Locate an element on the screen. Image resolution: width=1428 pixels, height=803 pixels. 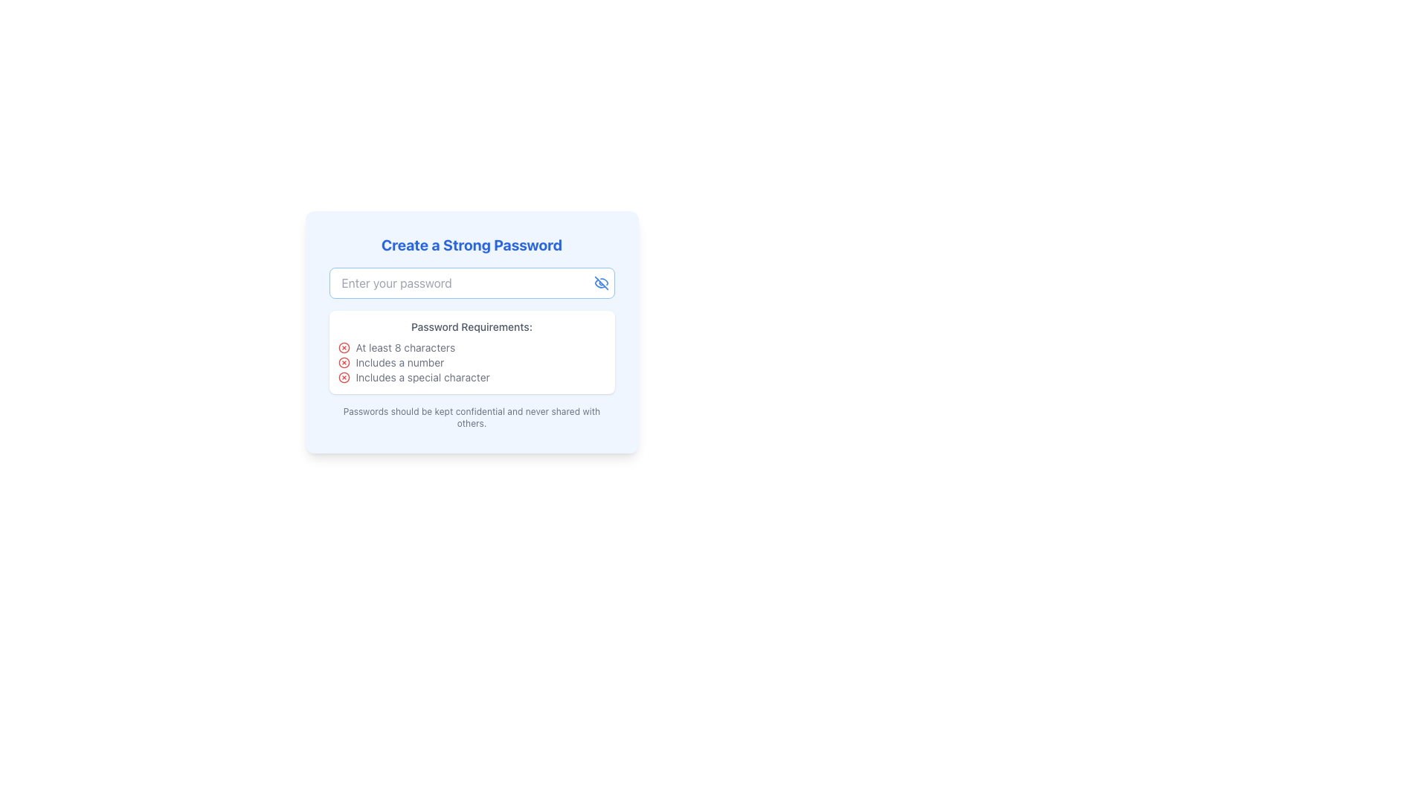
the visibility toggle button, styled as a blue eye with a slash, located at the right edge of the password input field is located at coordinates (601, 283).